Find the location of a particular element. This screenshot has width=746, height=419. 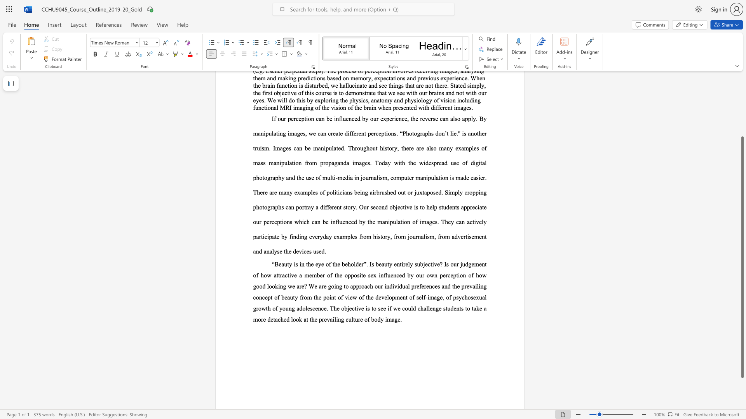

the scrollbar and move down 60 pixels is located at coordinates (742, 257).